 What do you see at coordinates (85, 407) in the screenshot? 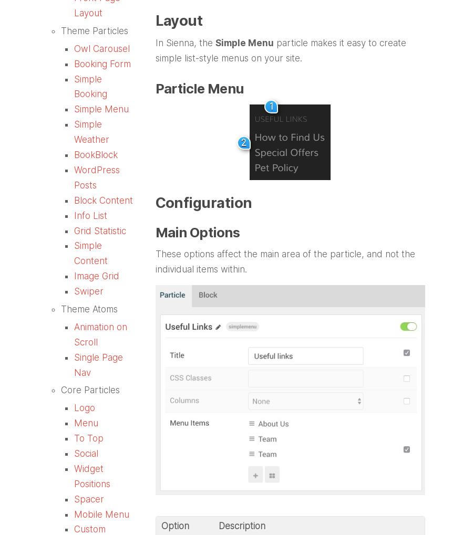
I see `'Logo'` at bounding box center [85, 407].